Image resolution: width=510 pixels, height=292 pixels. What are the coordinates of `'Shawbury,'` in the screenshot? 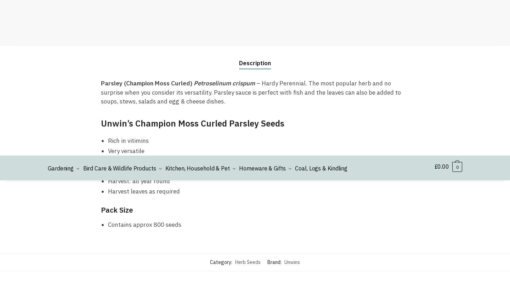 It's located at (60, 68).